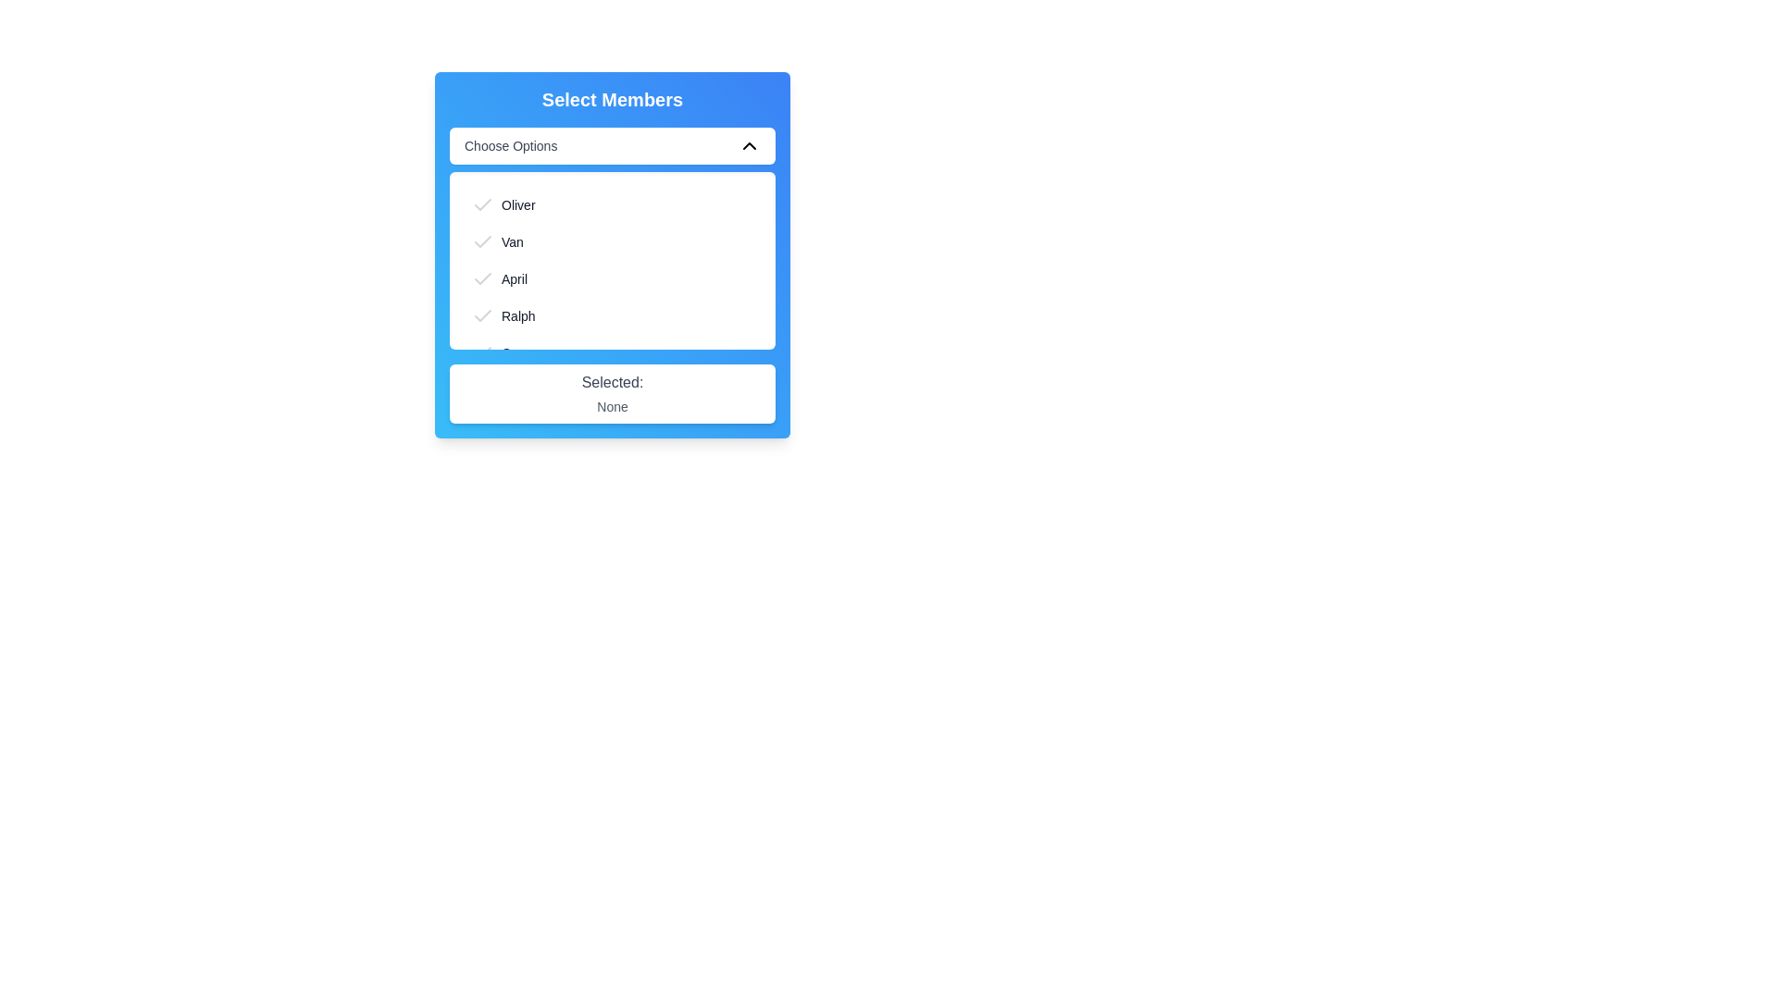 This screenshot has width=1777, height=999. I want to click on the icon next to the list item labeled 'Ralph' in the dropdown menu of the 'Select Members' component, so click(483, 314).